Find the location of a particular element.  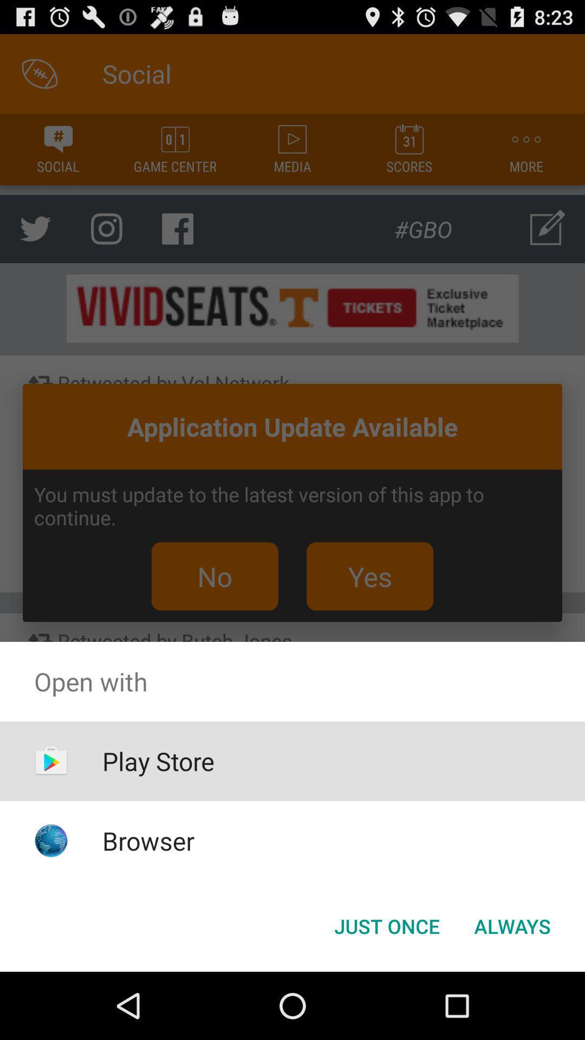

the just once item is located at coordinates (386, 925).